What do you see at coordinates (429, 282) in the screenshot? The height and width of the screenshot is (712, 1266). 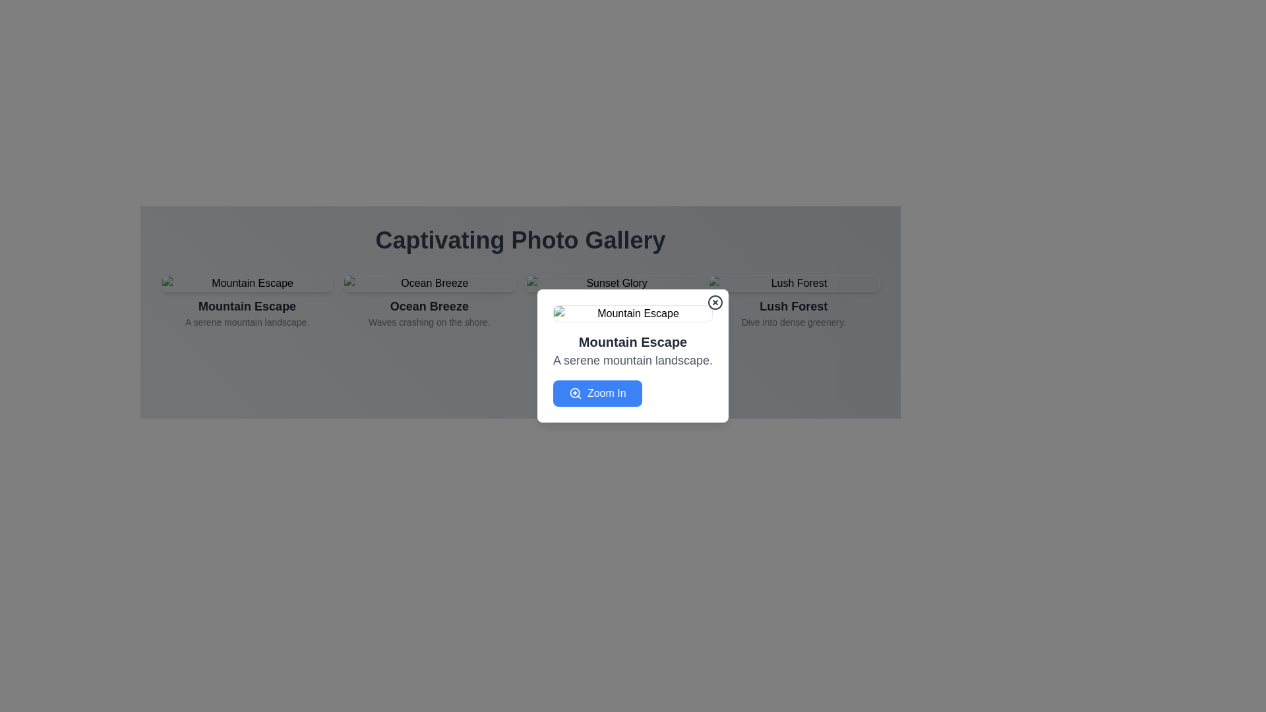 I see `the 'Ocean Breeze' image placeholder which is a rectangular icon with a soft turquoise color and rounded border, located in the center layer of a horizontal gallery as the second entry from the left` at bounding box center [429, 282].